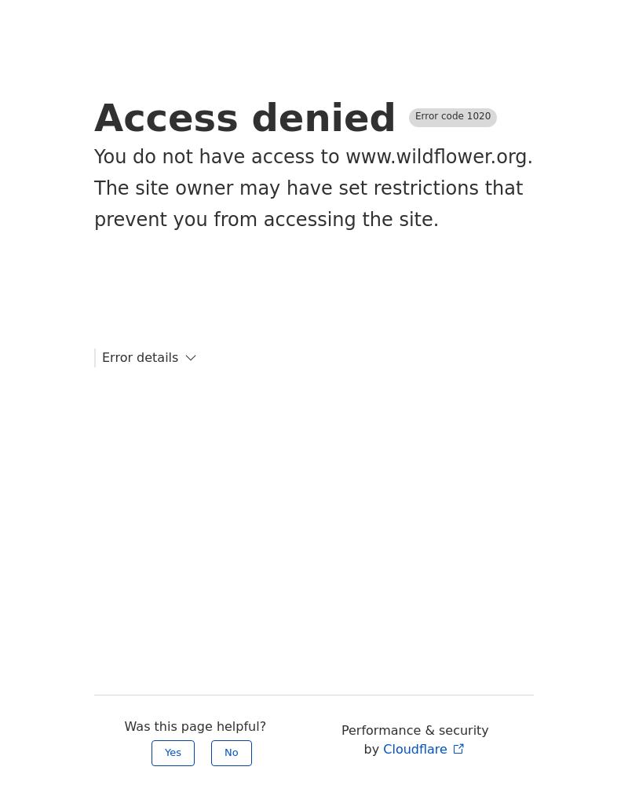  I want to click on 'Was this page helpful?', so click(194, 726).